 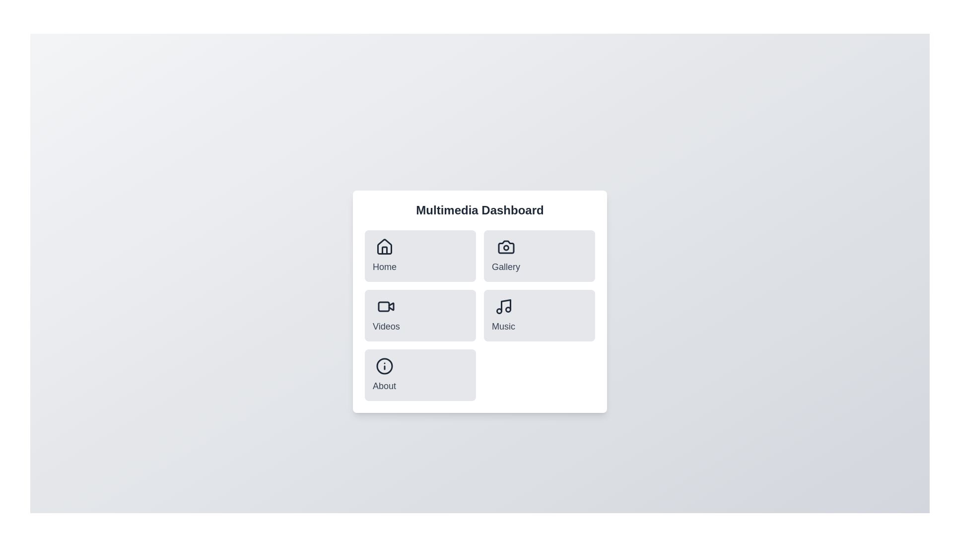 I want to click on the menu item labeled Gallery to display its description, so click(x=505, y=256).